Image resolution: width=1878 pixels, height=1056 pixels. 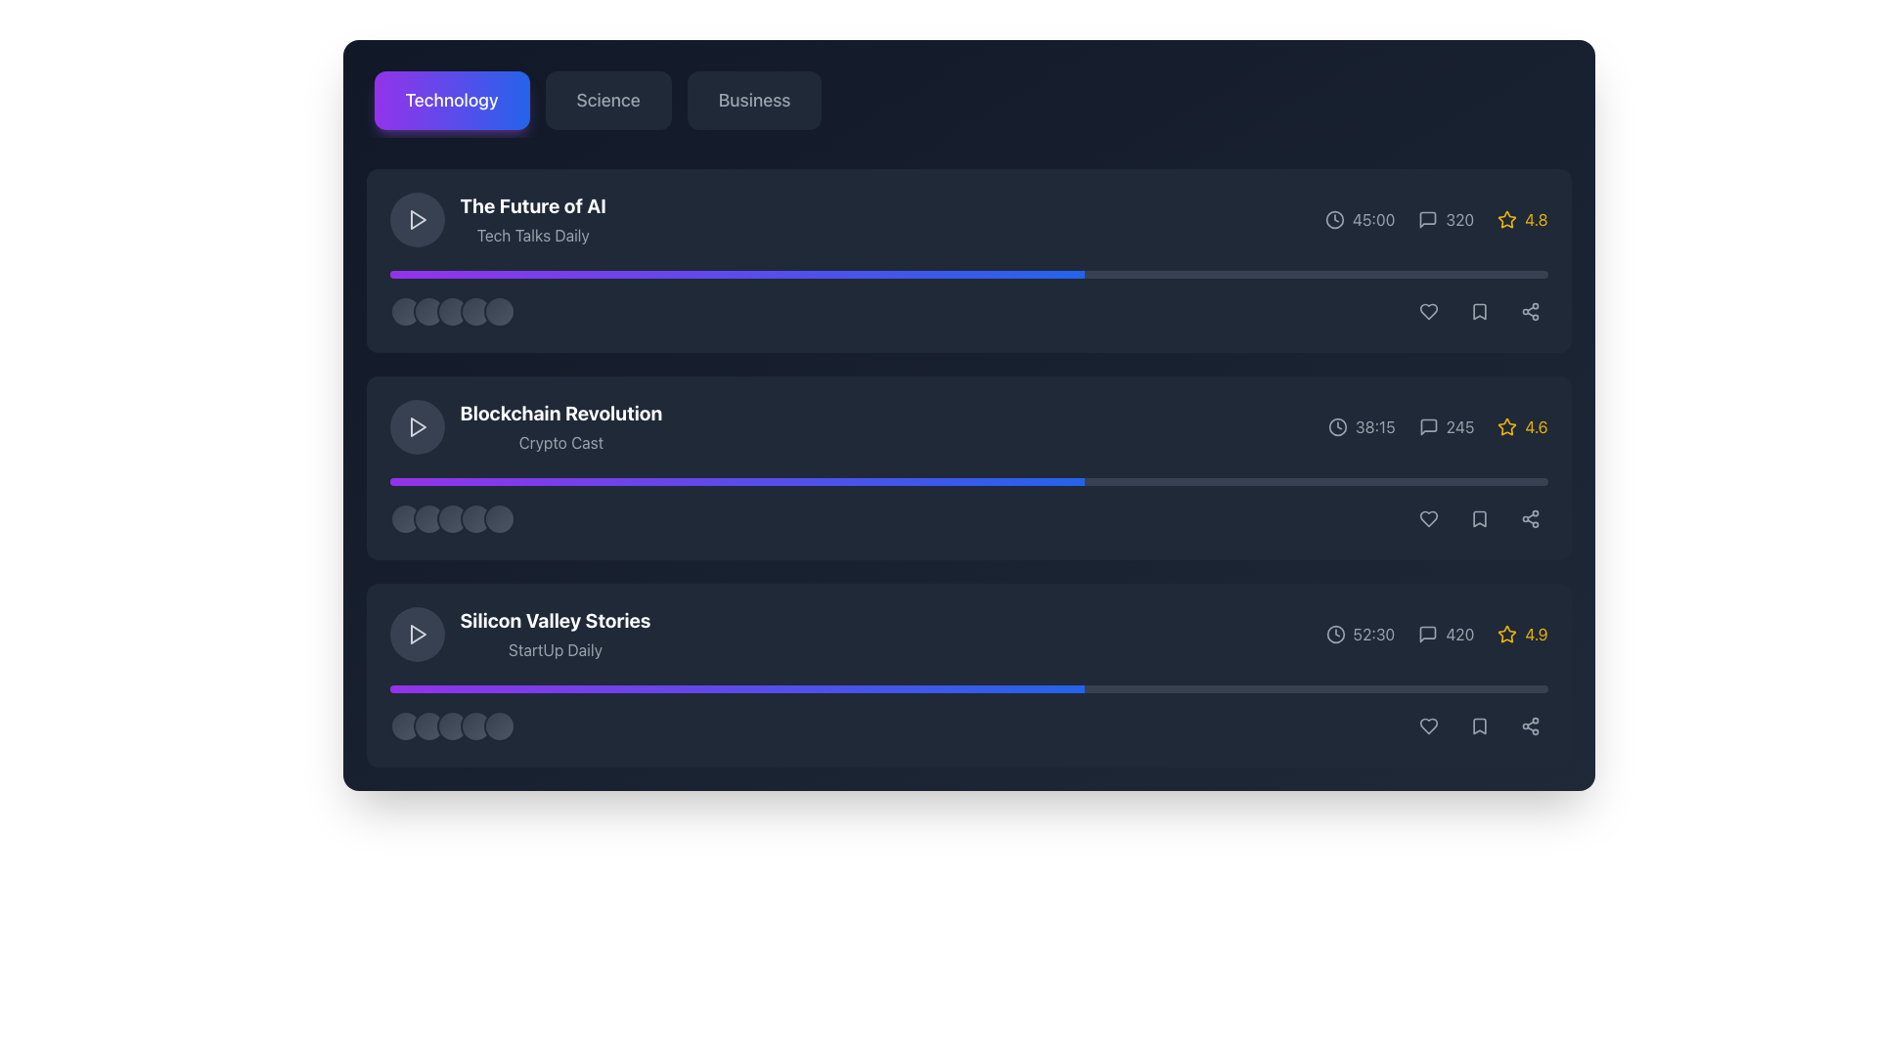 What do you see at coordinates (427, 518) in the screenshot?
I see `the second circular UI component in the sequence of five, located below the 'Blockchain Revolution' text and a purple progress bar` at bounding box center [427, 518].